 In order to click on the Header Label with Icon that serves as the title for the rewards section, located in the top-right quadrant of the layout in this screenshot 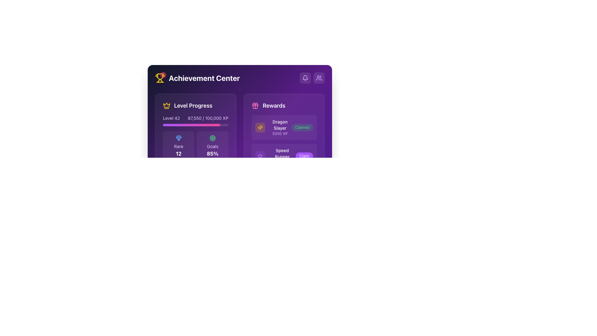, I will do `click(284, 105)`.